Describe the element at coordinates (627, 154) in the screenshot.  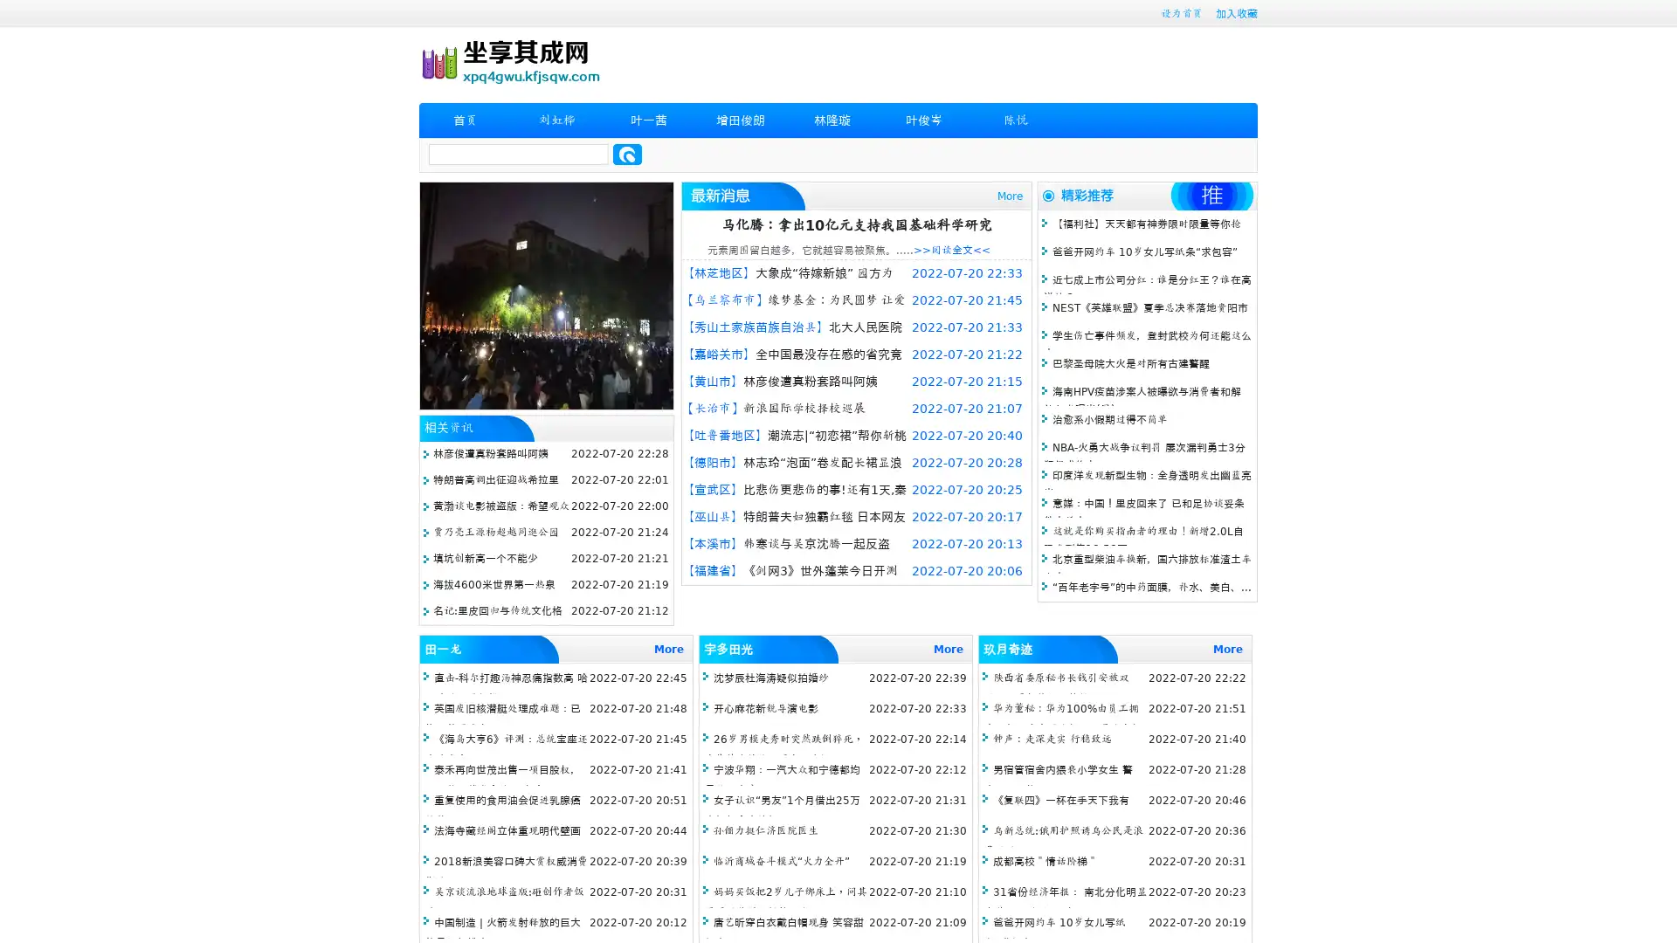
I see `Search` at that location.